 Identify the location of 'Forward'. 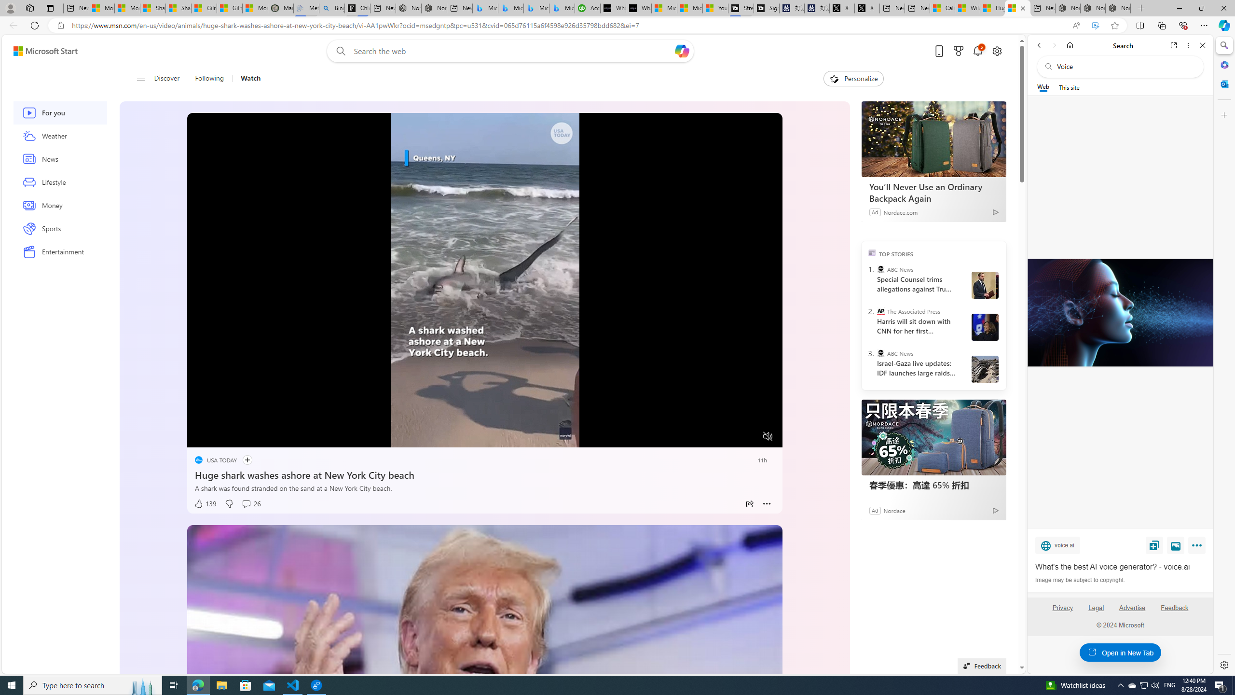
(1054, 45).